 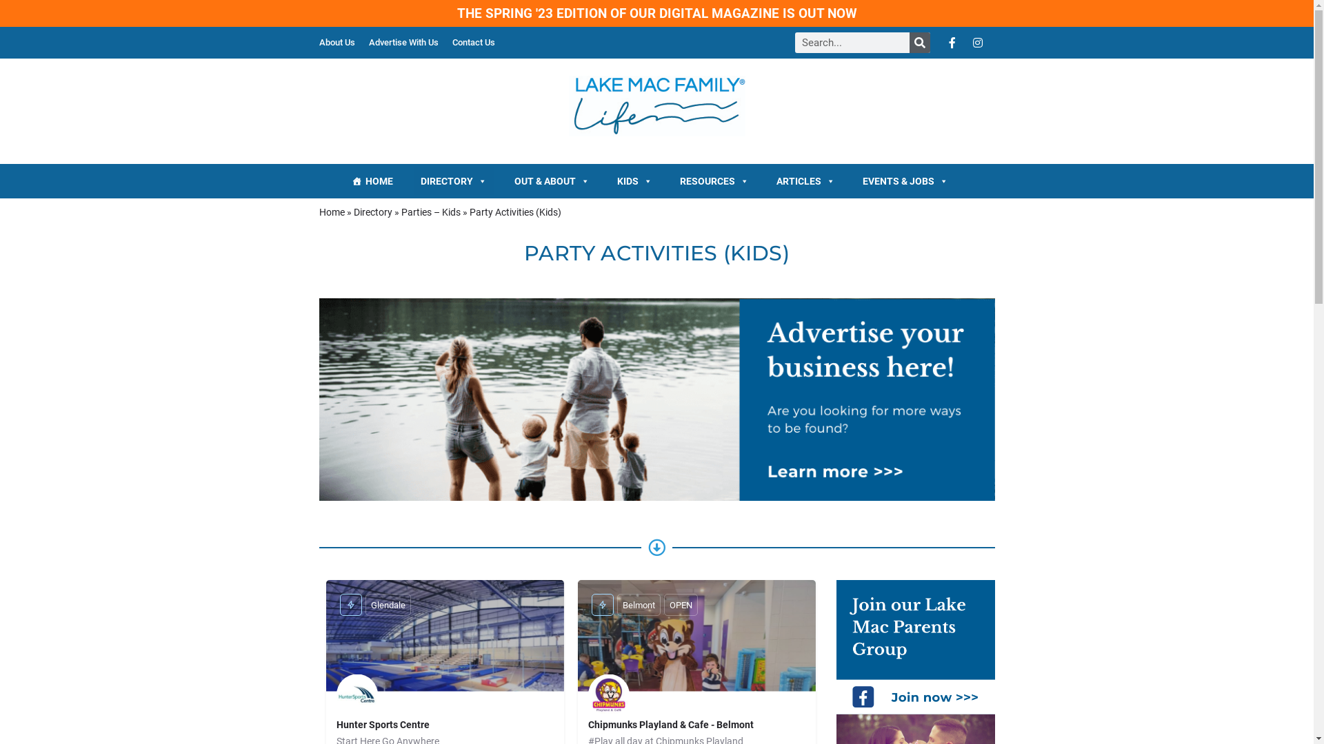 I want to click on 'KIDS', so click(x=634, y=180).